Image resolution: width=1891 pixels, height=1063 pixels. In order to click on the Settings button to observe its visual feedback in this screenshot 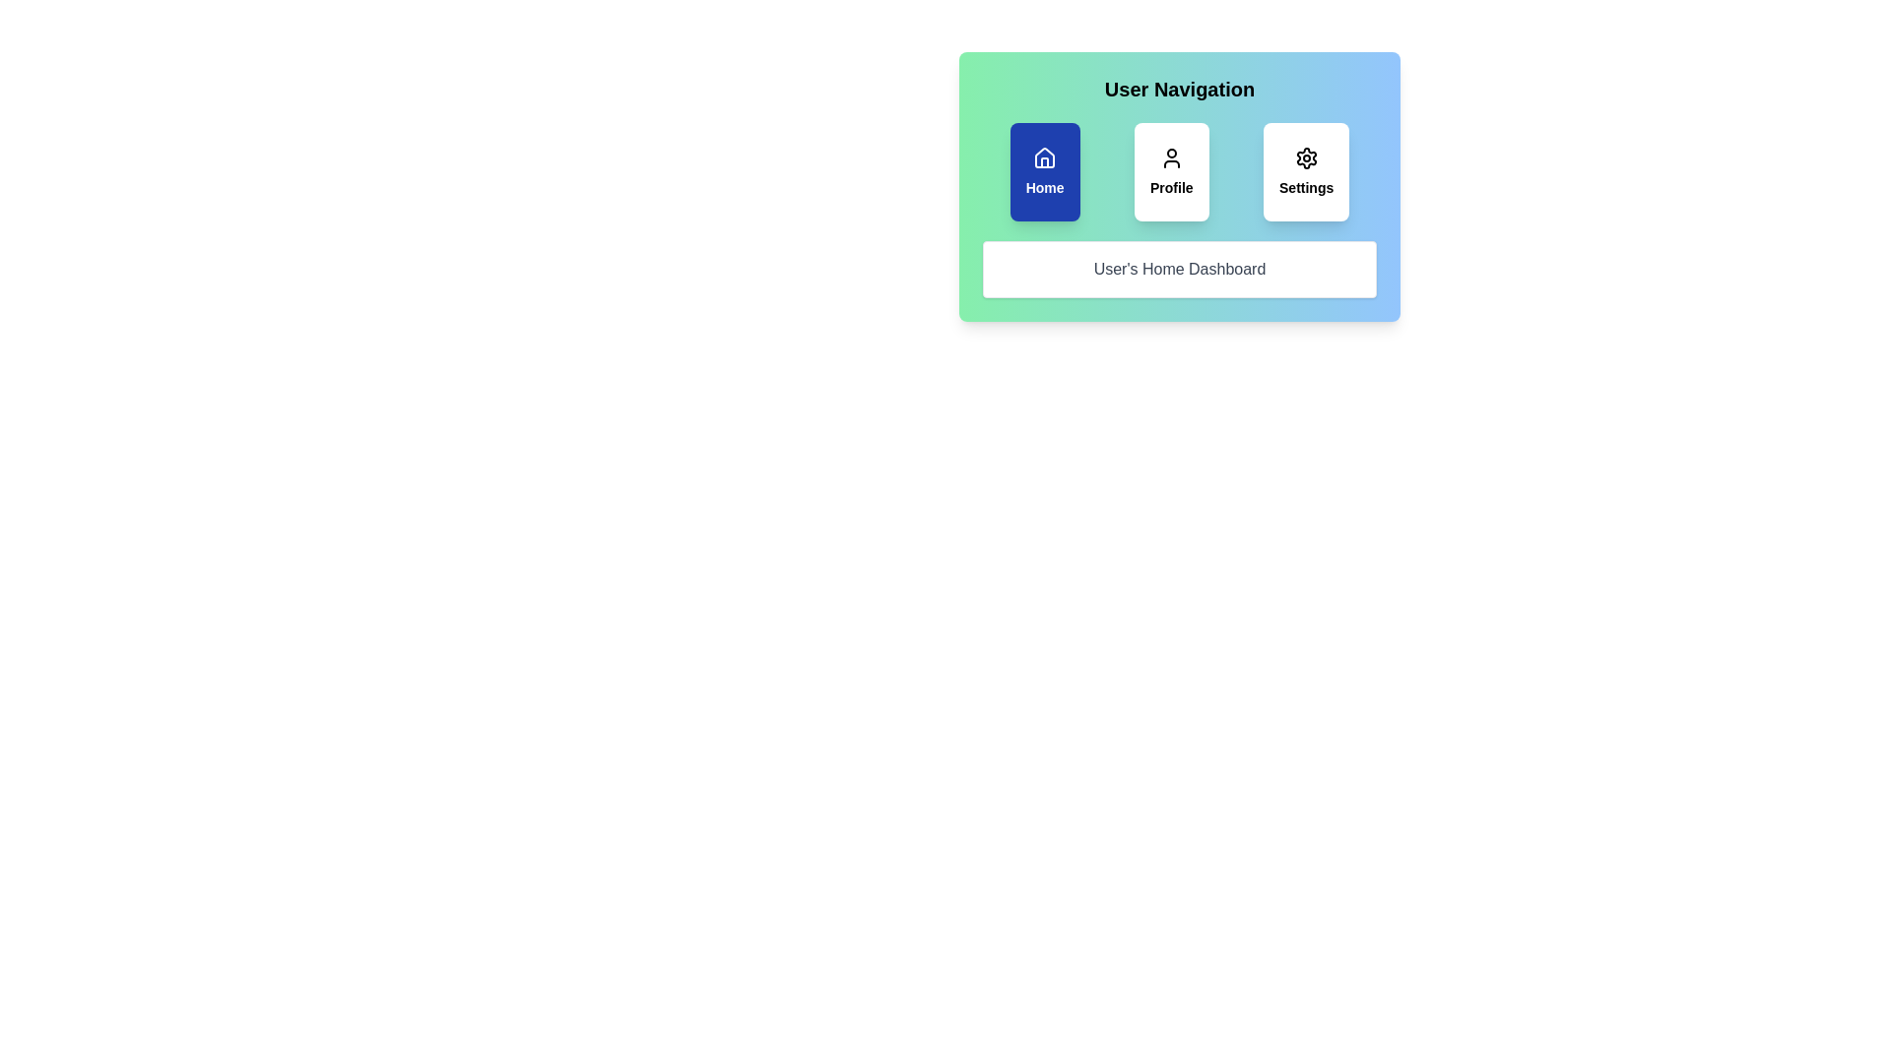, I will do `click(1306, 170)`.